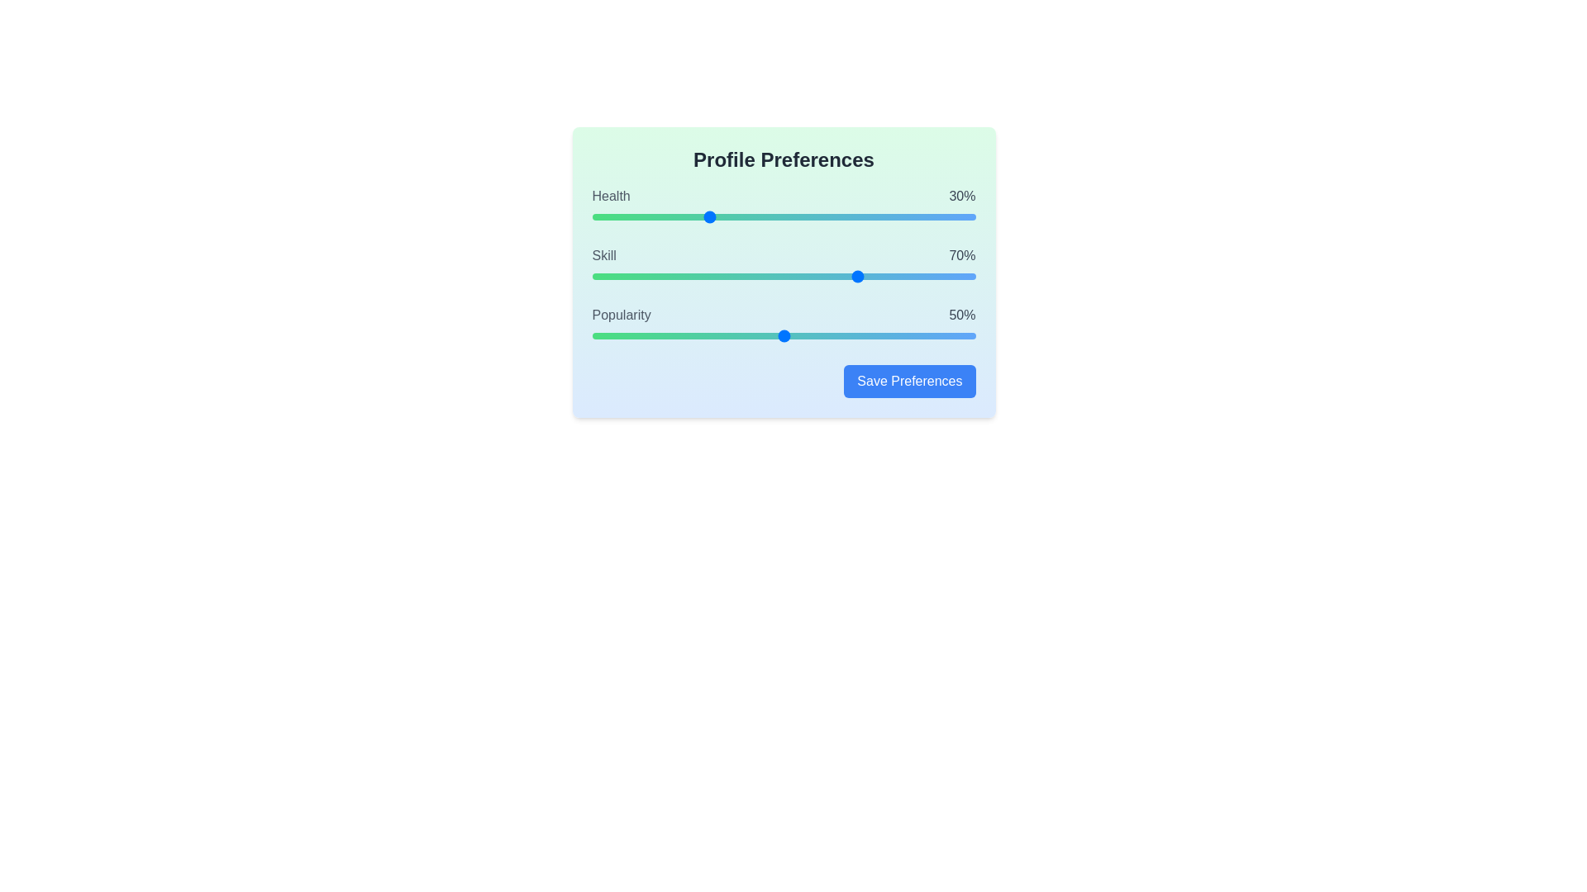  Describe the element at coordinates (864, 276) in the screenshot. I see `the skill slider to 71%` at that location.